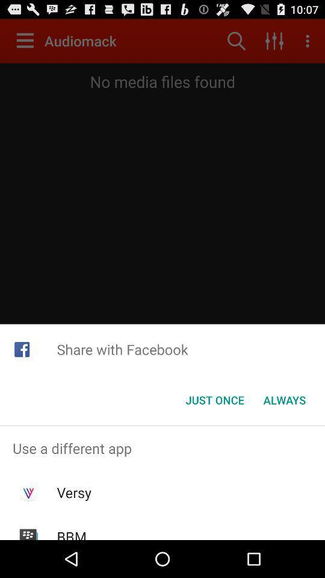 Image resolution: width=325 pixels, height=578 pixels. What do you see at coordinates (74, 493) in the screenshot?
I see `item below use a different app` at bounding box center [74, 493].